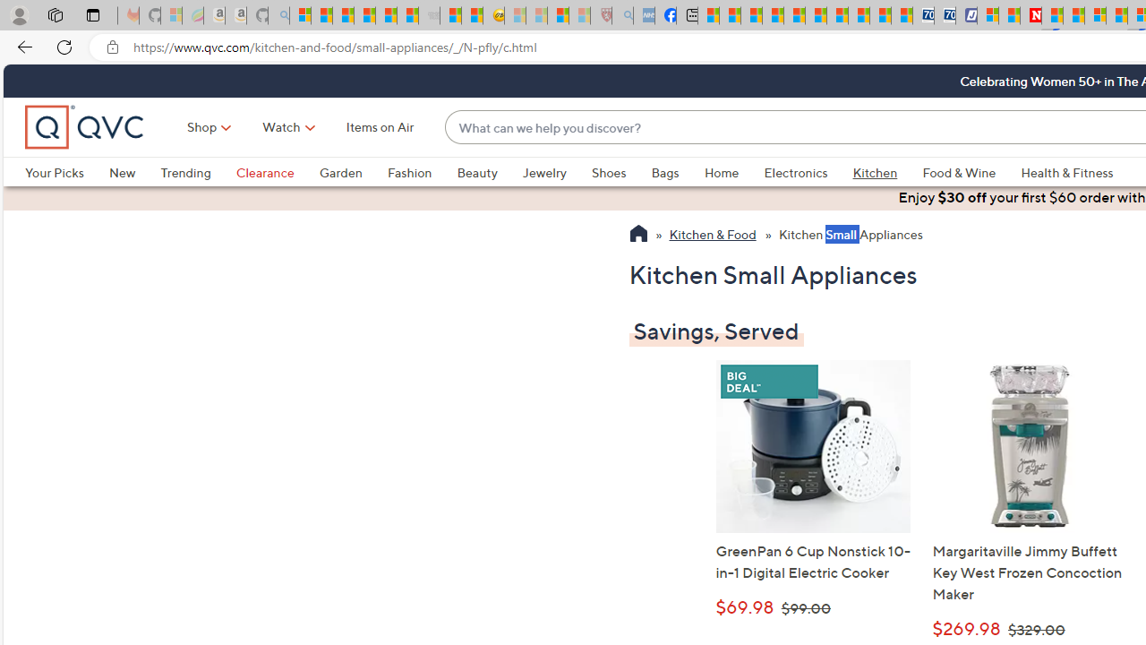 The image size is (1146, 645). Describe the element at coordinates (621, 172) in the screenshot. I see `'Shoes'` at that location.